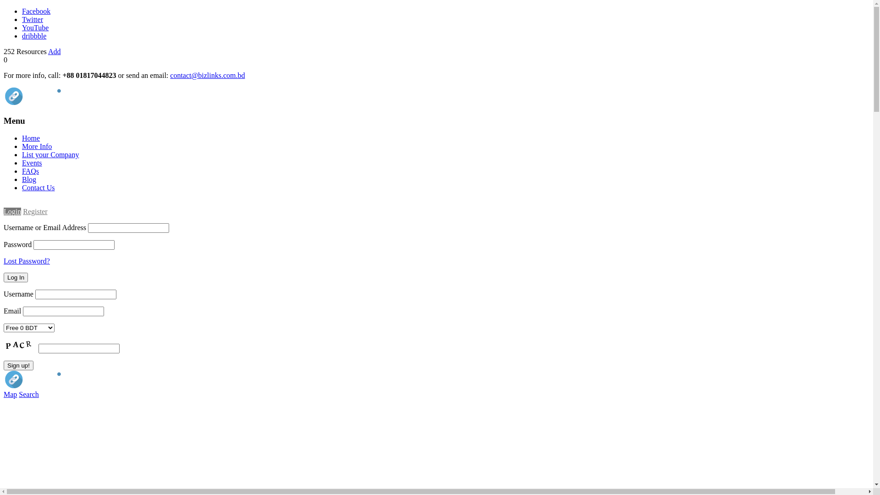 This screenshot has width=880, height=495. What do you see at coordinates (33, 19) in the screenshot?
I see `'Twitter'` at bounding box center [33, 19].